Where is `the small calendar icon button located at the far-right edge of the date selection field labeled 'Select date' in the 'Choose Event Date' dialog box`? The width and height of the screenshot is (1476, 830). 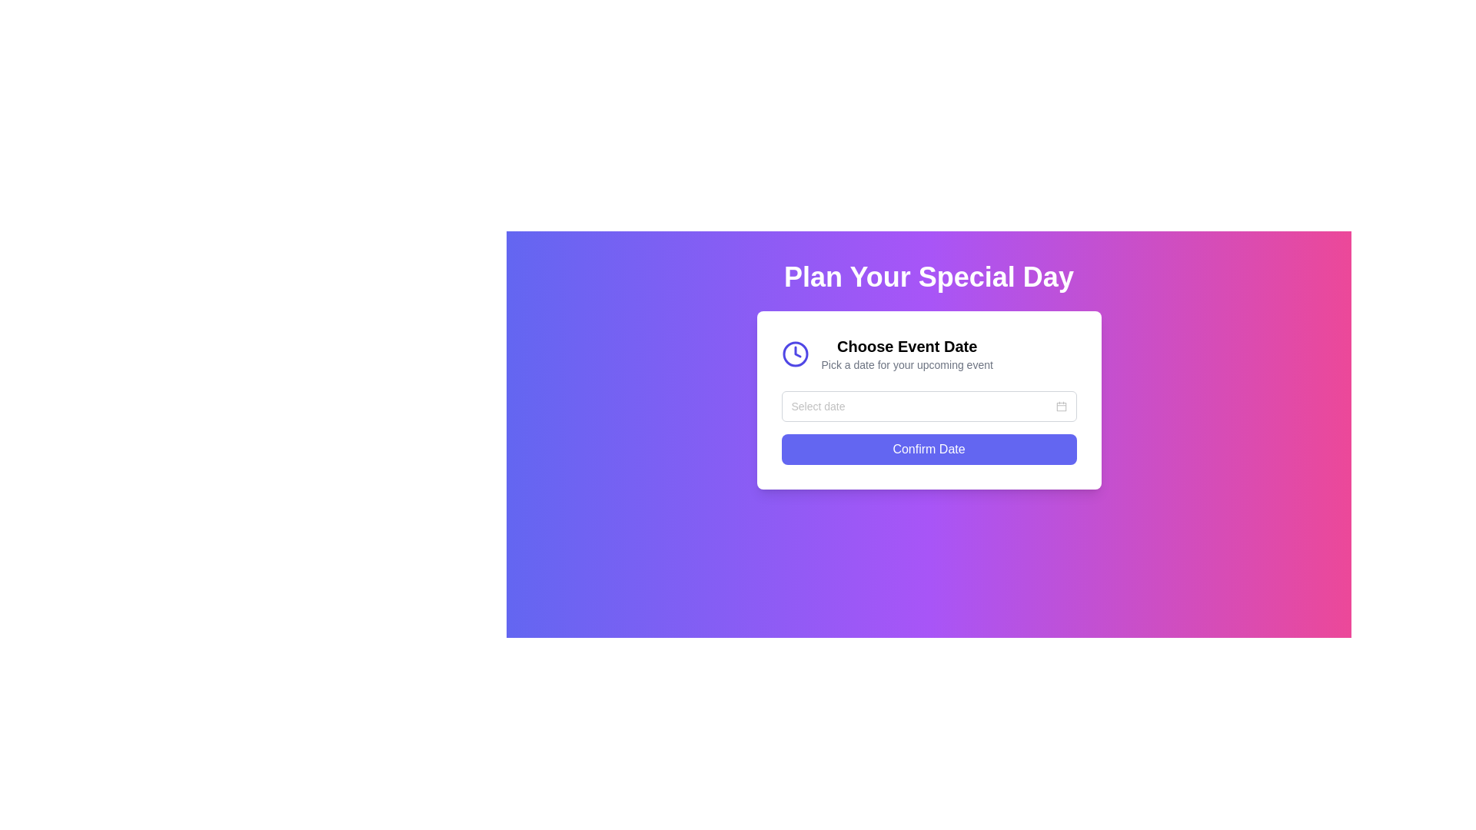 the small calendar icon button located at the far-right edge of the date selection field labeled 'Select date' in the 'Choose Event Date' dialog box is located at coordinates (1060, 405).